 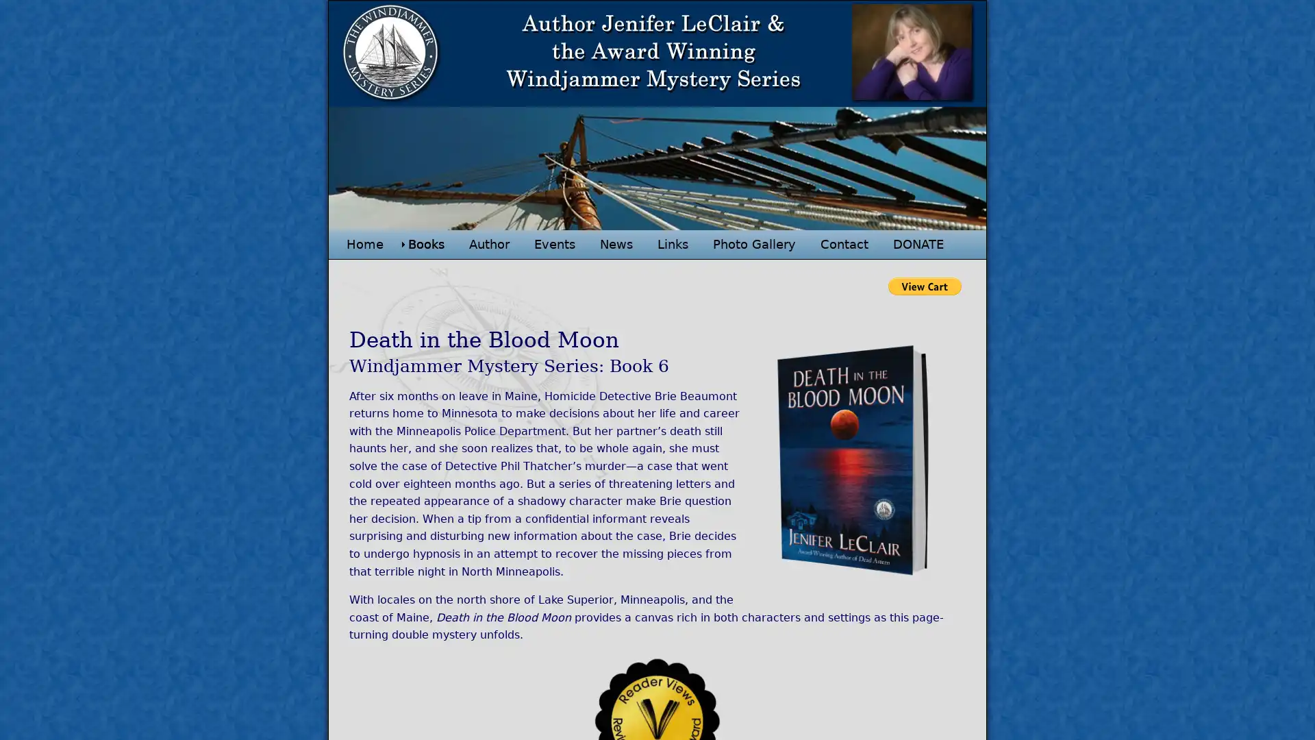 I want to click on PayPal - The safer, easier way to pay online!, so click(x=925, y=285).